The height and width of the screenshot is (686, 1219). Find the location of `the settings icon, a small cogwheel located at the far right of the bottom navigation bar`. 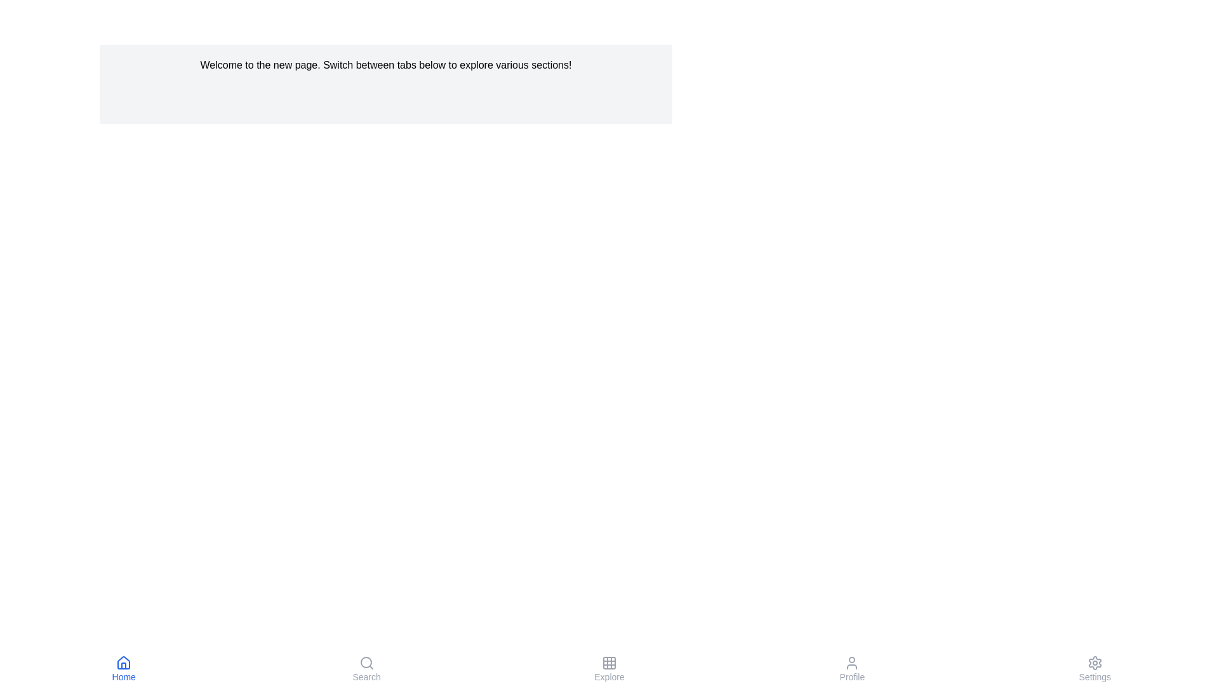

the settings icon, a small cogwheel located at the far right of the bottom navigation bar is located at coordinates (1094, 662).